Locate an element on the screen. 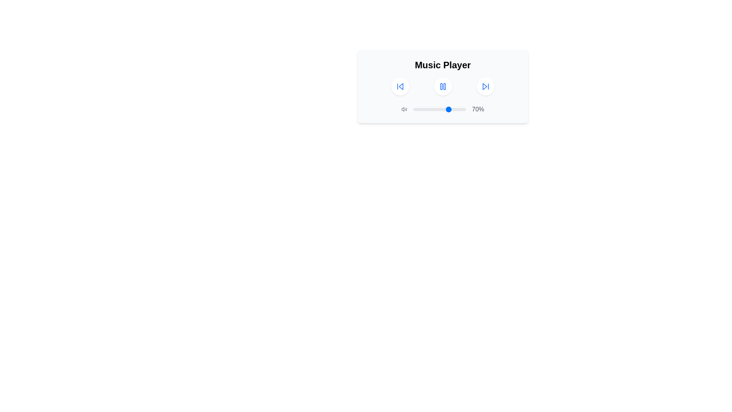 Image resolution: width=732 pixels, height=412 pixels. the circular skip-forward button with a blue triangle icon located in the music player control panel to skip forward is located at coordinates (485, 86).